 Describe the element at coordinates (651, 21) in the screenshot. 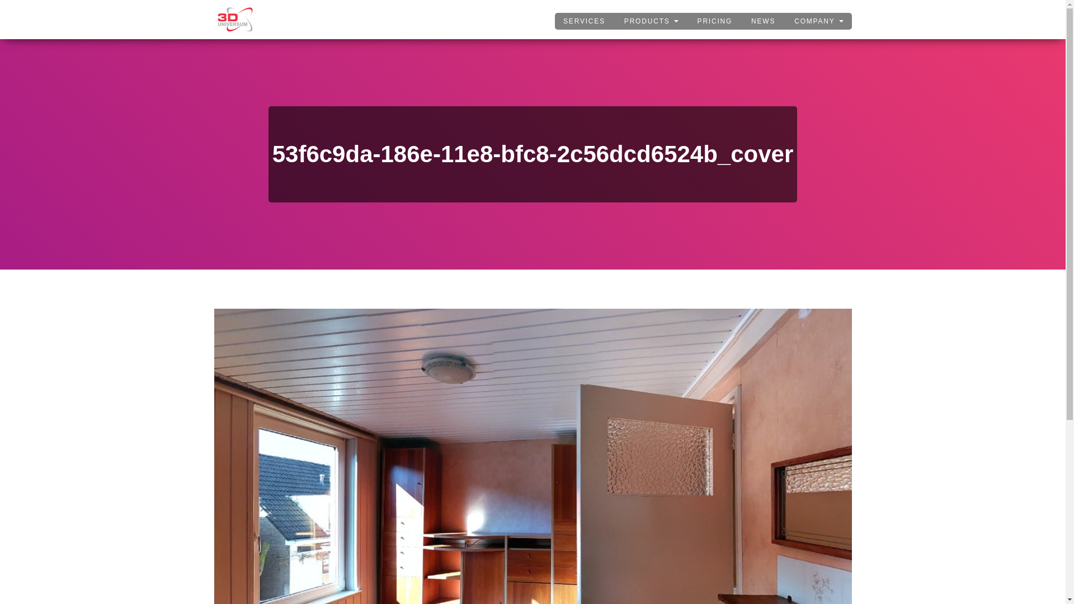

I see `'PRODUCTS'` at that location.